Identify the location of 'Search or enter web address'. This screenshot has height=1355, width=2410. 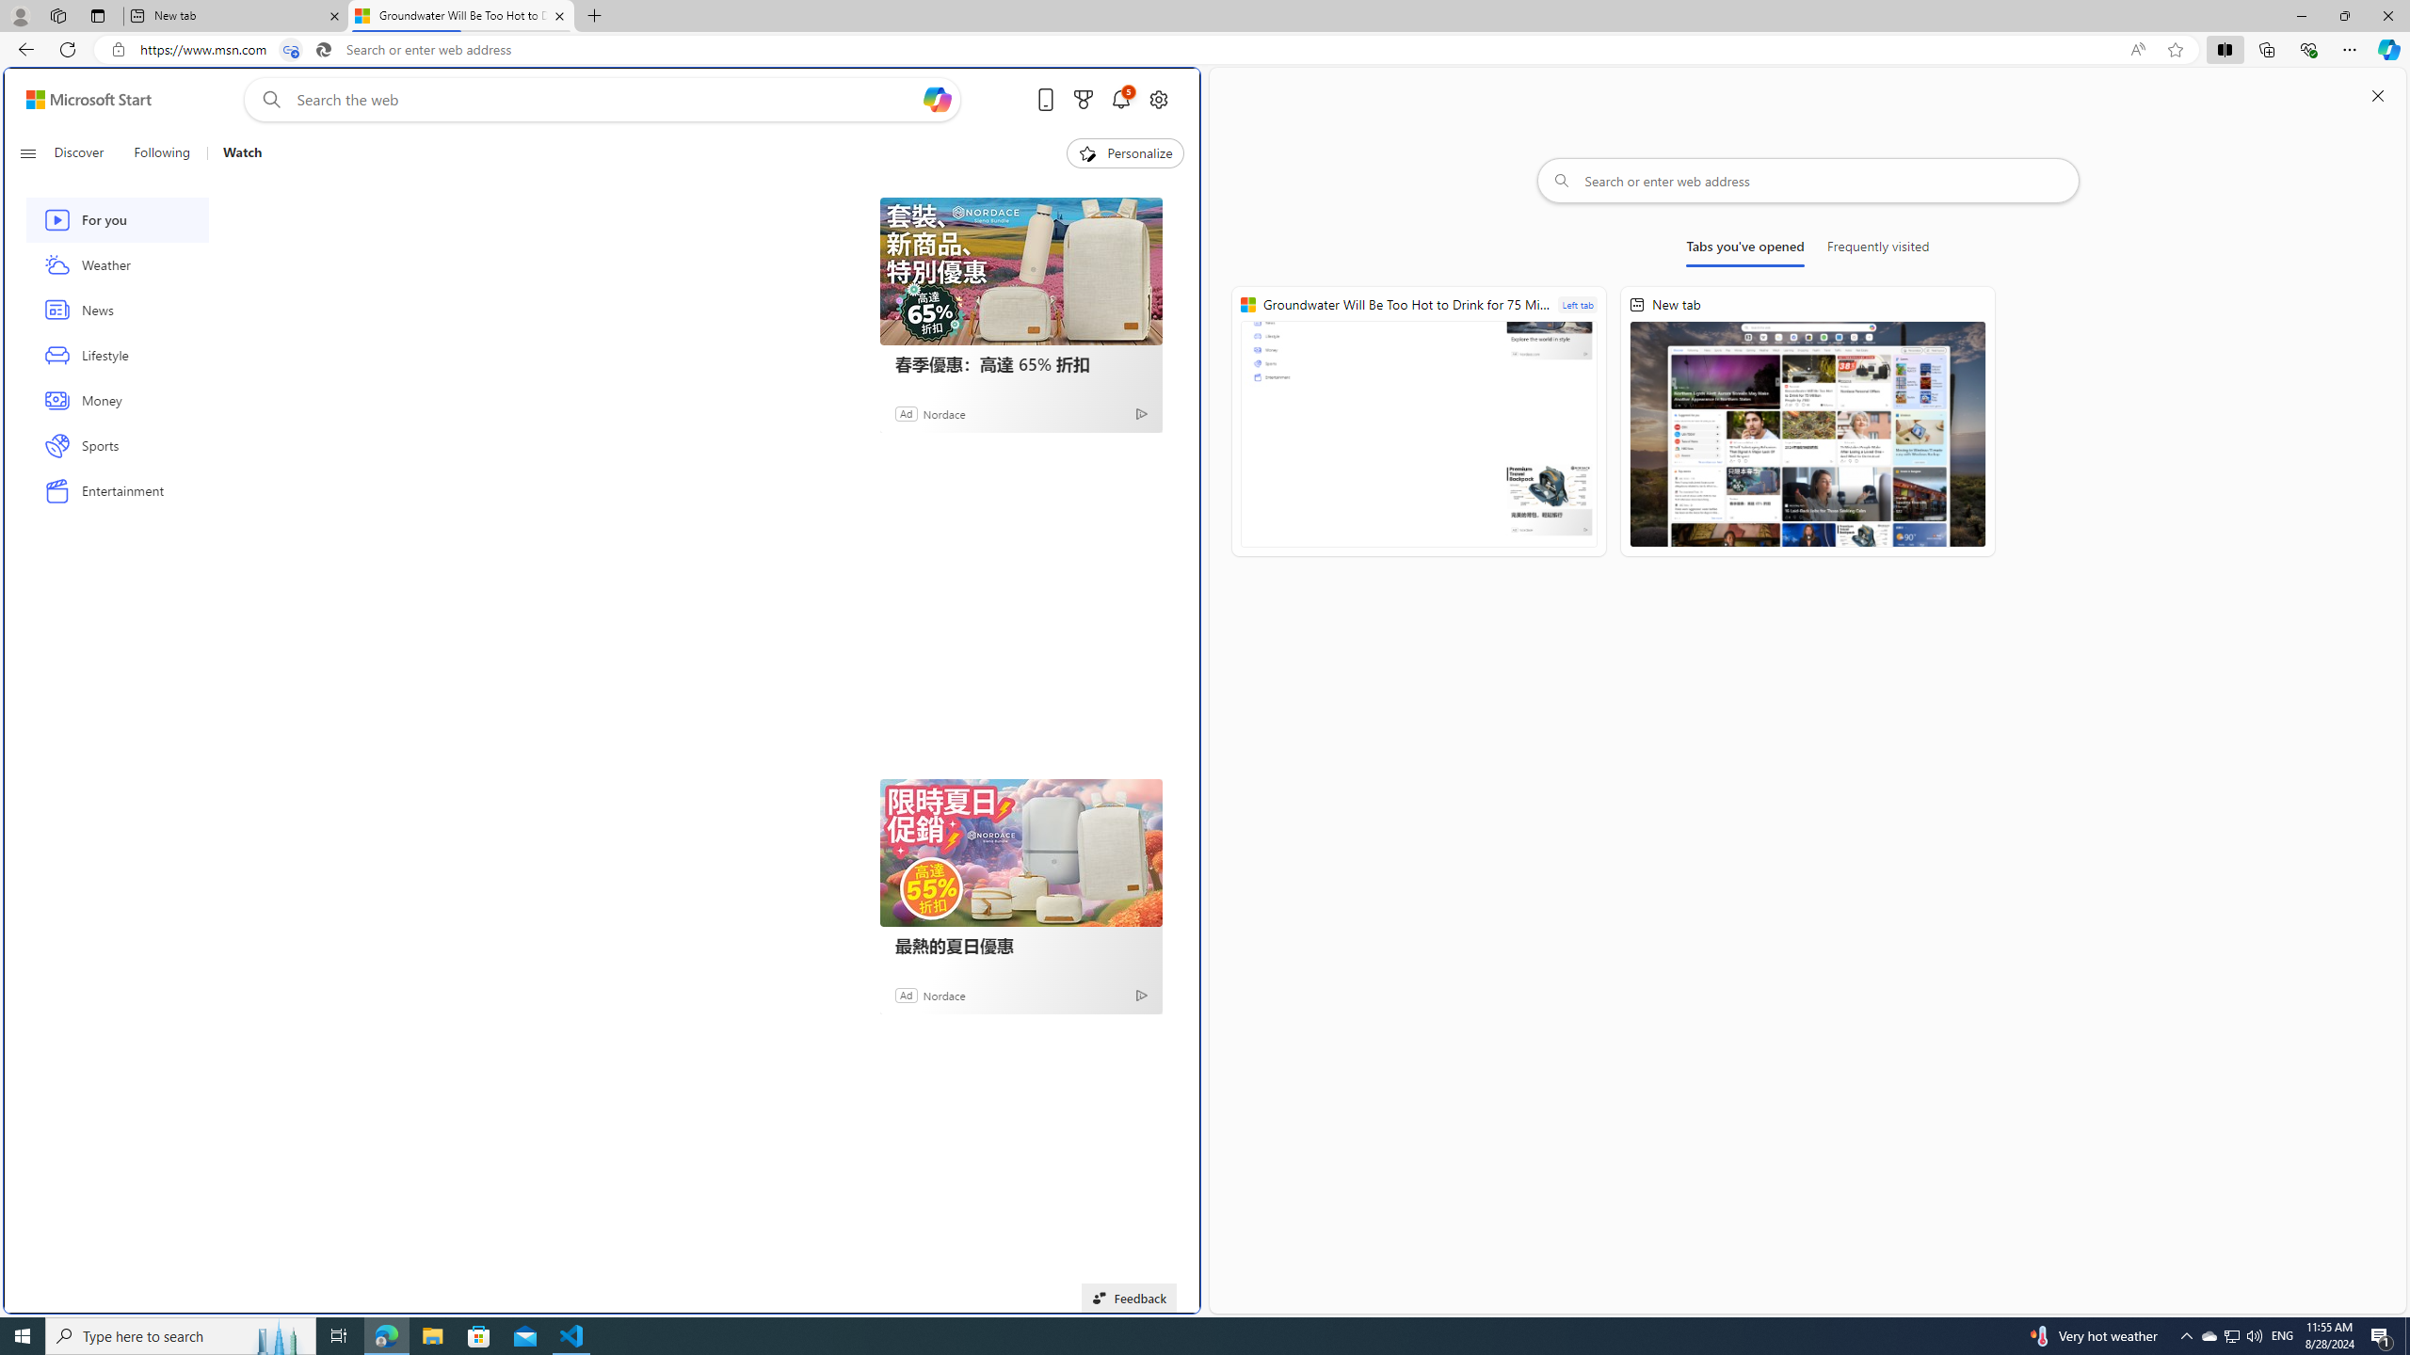
(1807, 180).